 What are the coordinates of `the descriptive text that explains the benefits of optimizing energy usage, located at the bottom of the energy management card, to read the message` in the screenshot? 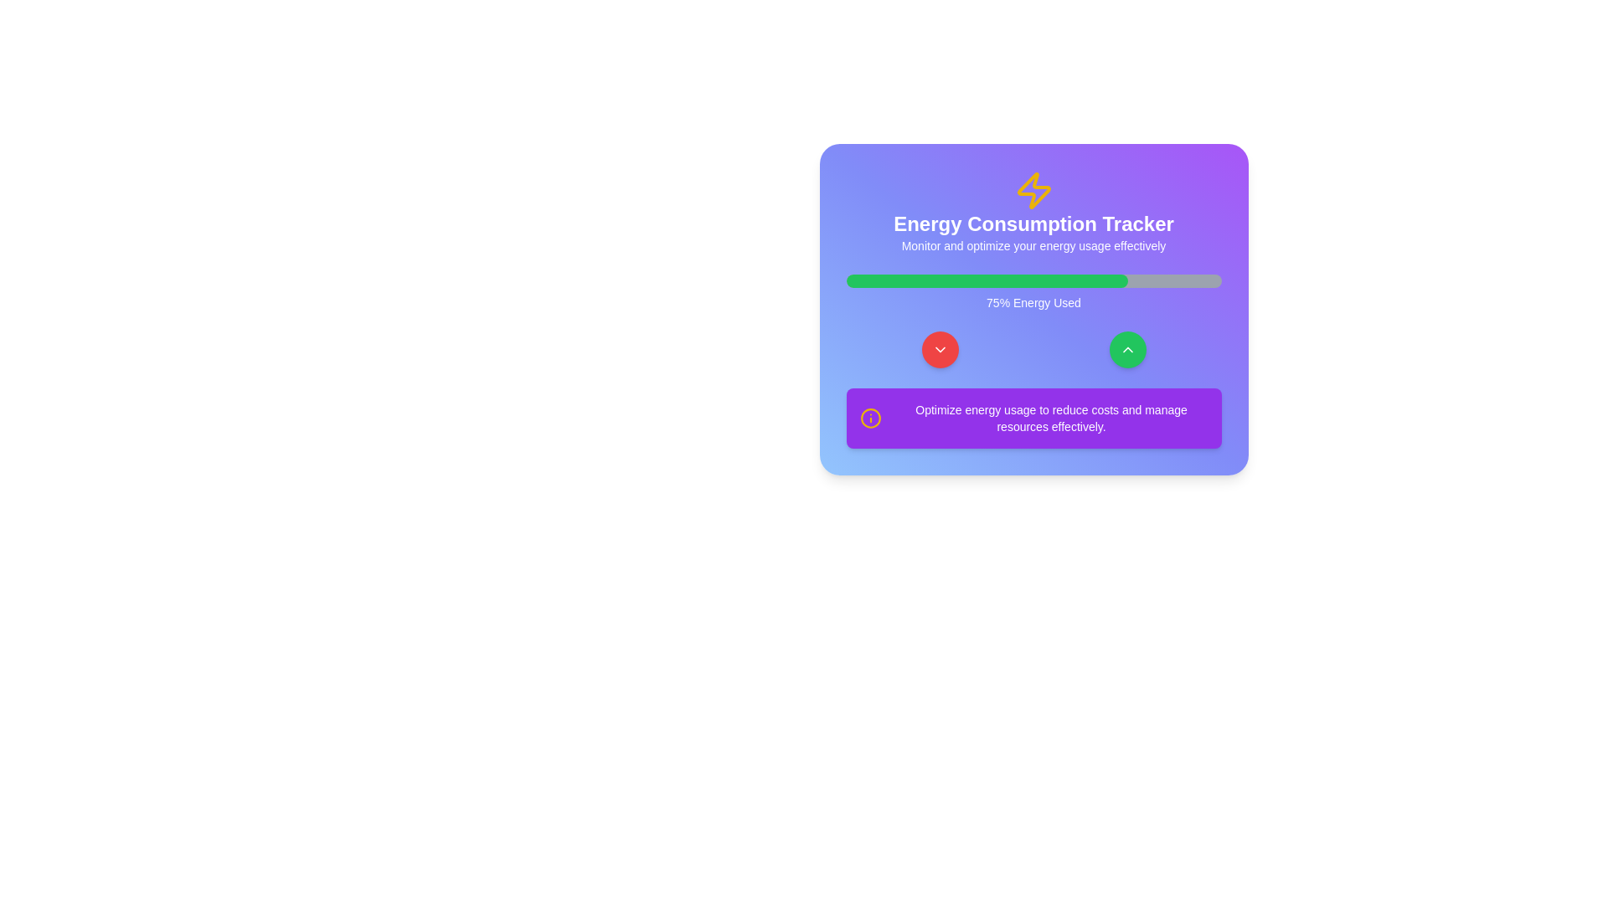 It's located at (1050, 418).